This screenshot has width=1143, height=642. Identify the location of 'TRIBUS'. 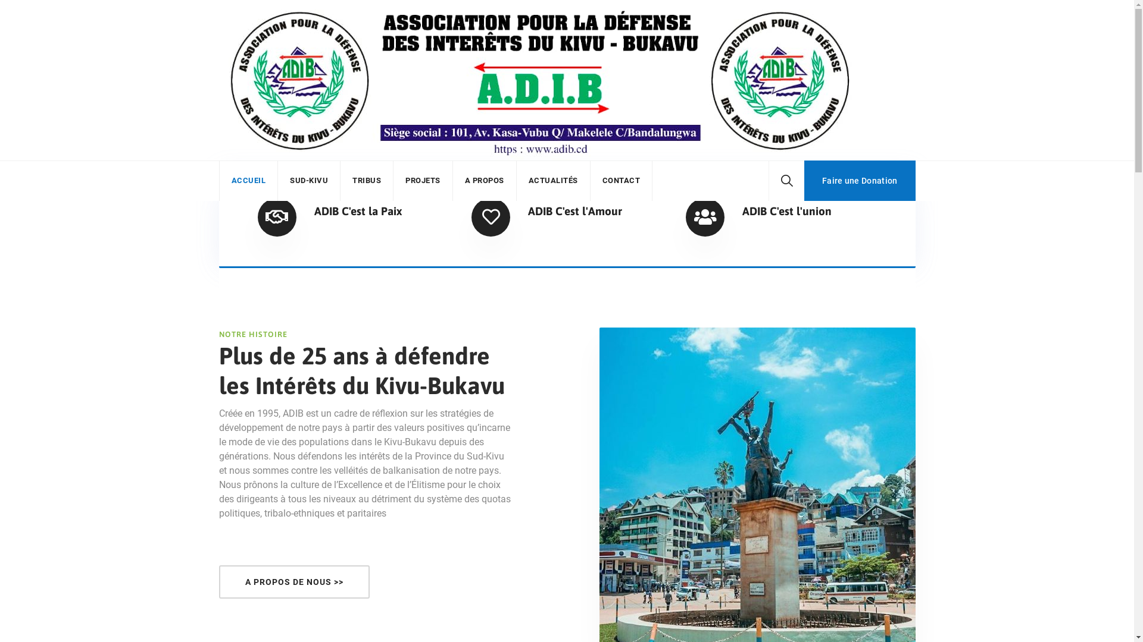
(351, 181).